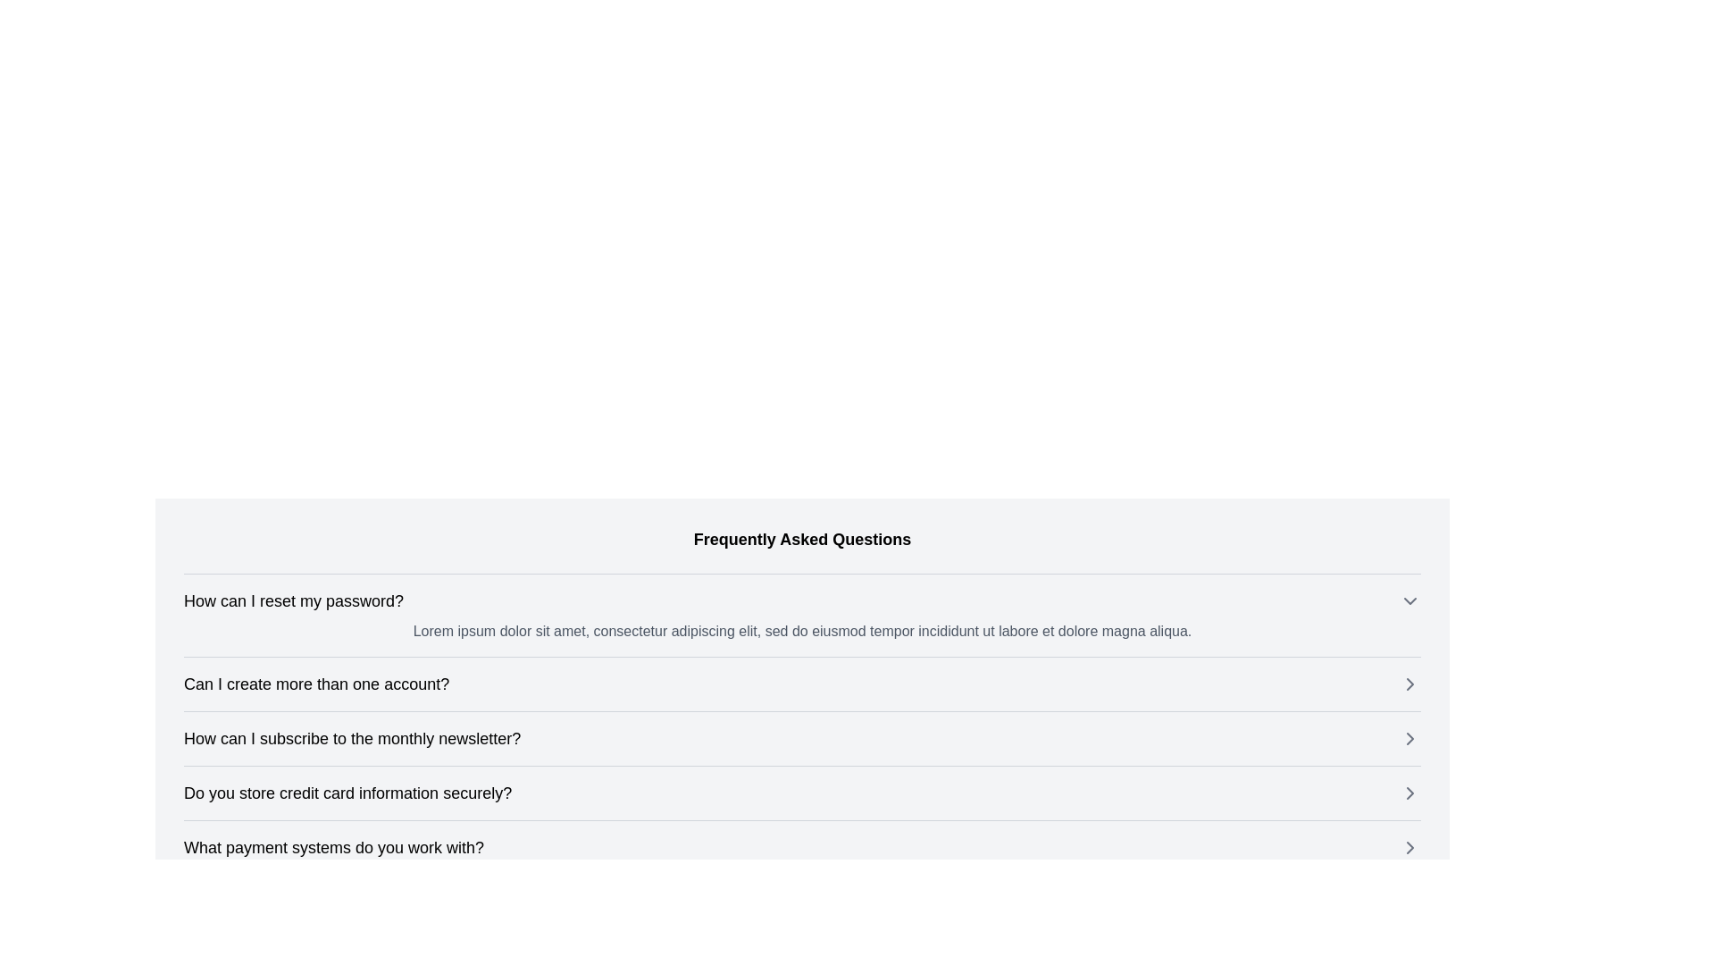 This screenshot has height=965, width=1715. What do you see at coordinates (347, 792) in the screenshot?
I see `the text label that displays the question 'Do you store credit card information securely?', which is styled in bold and larger font, located in the fourth row of the FAQ list` at bounding box center [347, 792].